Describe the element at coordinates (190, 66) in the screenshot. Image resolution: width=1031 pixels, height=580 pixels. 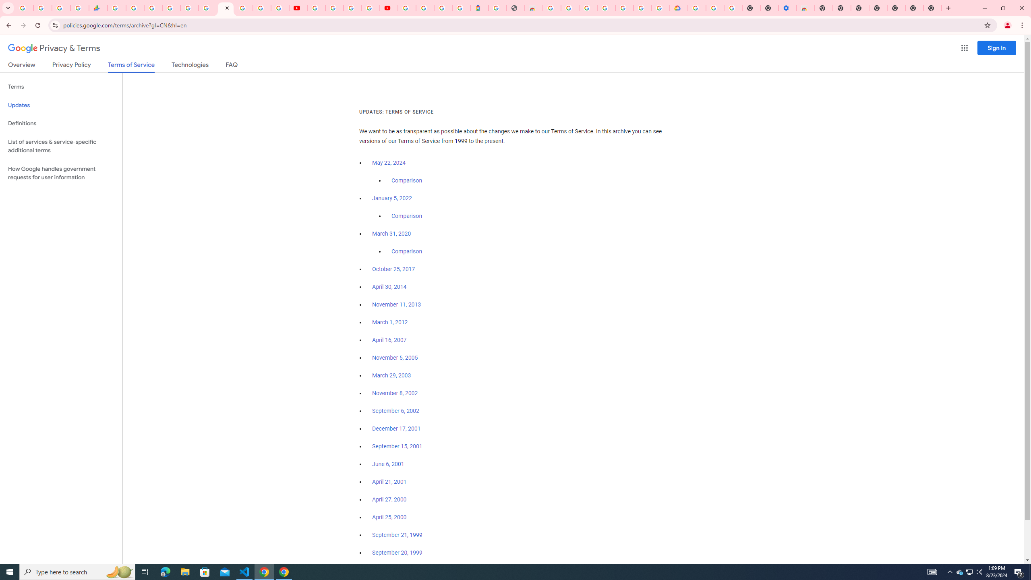
I see `'Technologies'` at that location.